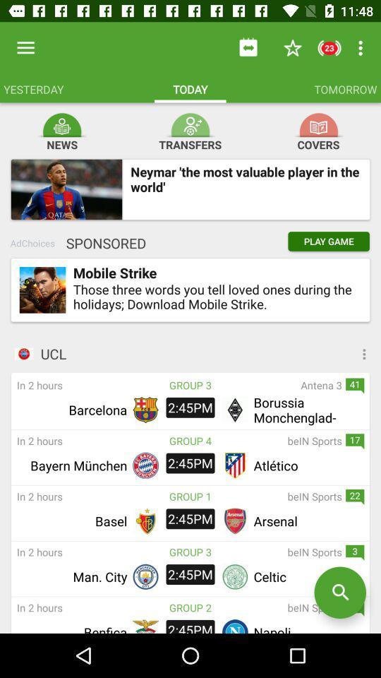  What do you see at coordinates (339, 593) in the screenshot?
I see `open search bar` at bounding box center [339, 593].